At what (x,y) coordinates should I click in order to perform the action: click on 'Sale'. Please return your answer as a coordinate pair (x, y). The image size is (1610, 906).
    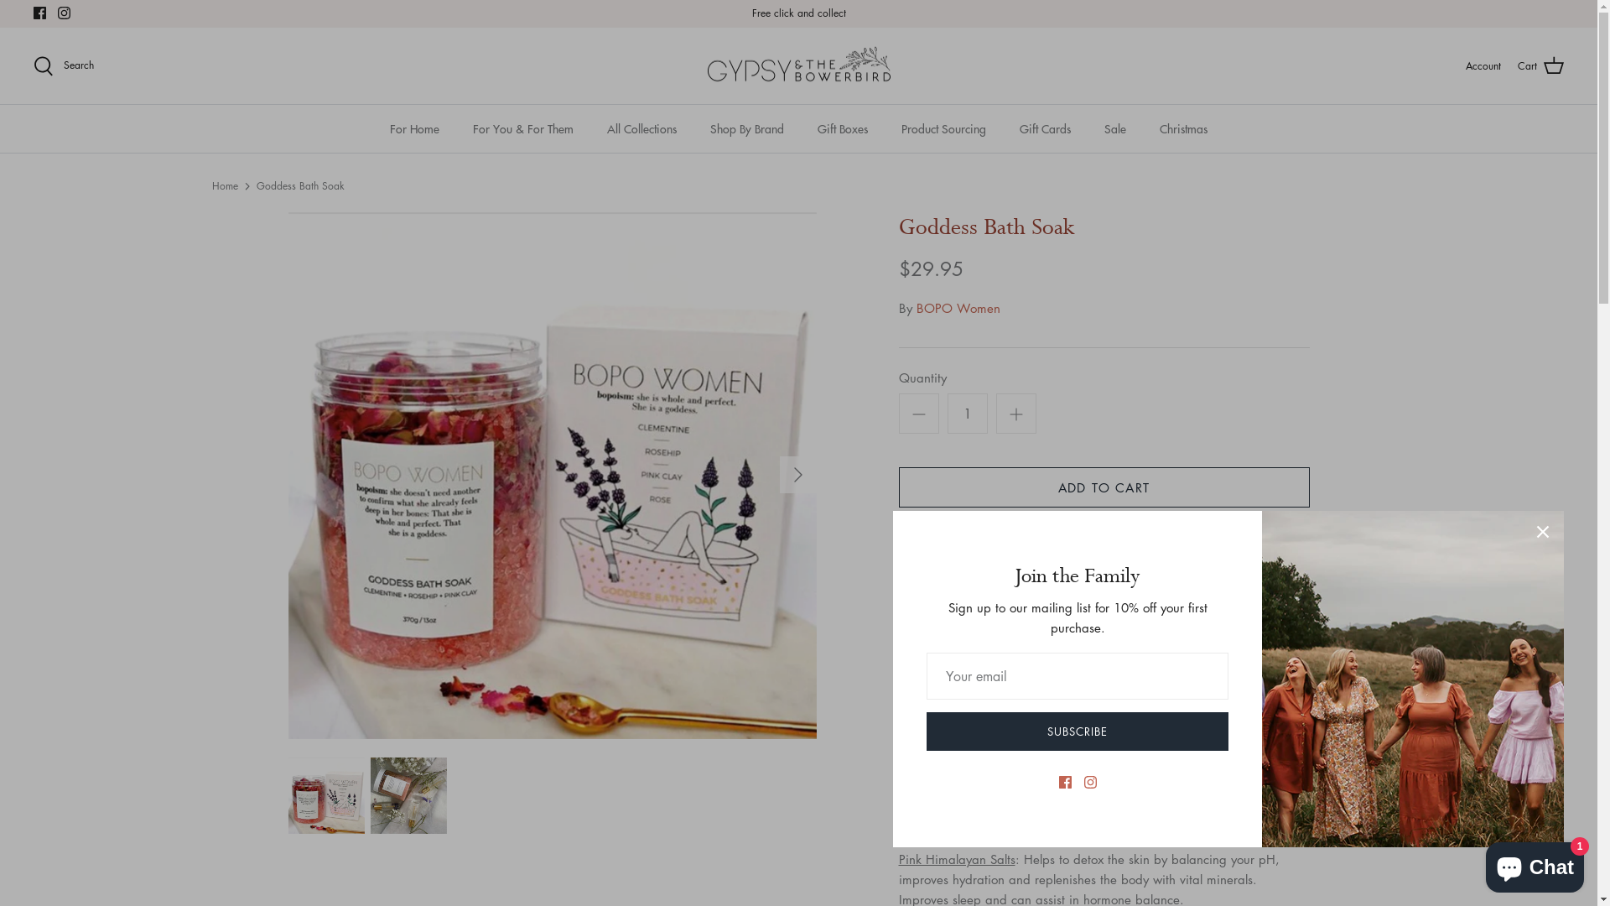
    Looking at the image, I should click on (1114, 128).